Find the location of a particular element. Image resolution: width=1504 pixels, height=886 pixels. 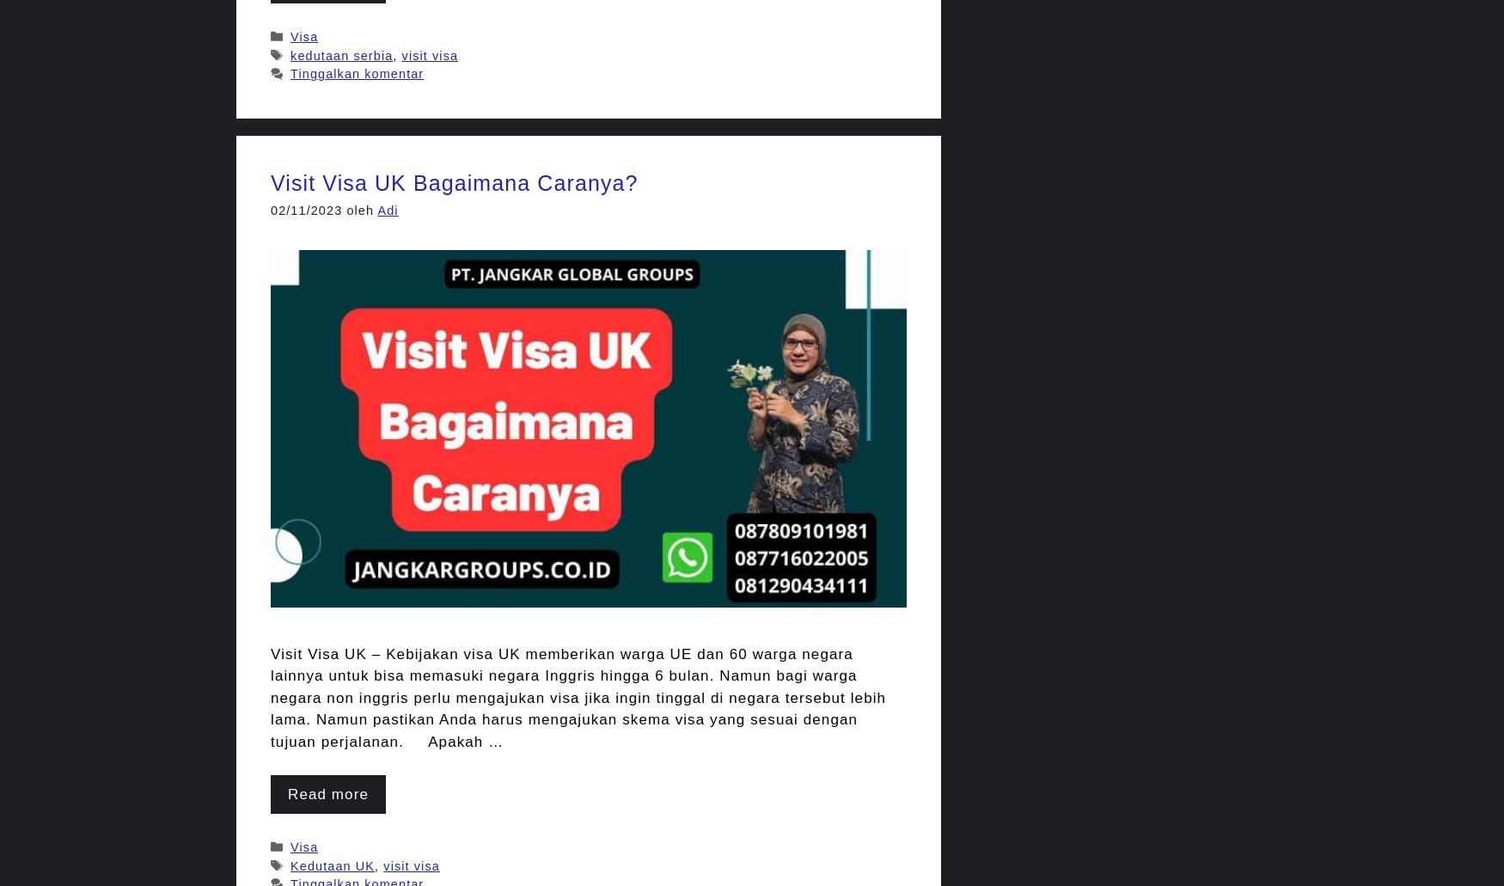

'Read more' is located at coordinates (327, 793).